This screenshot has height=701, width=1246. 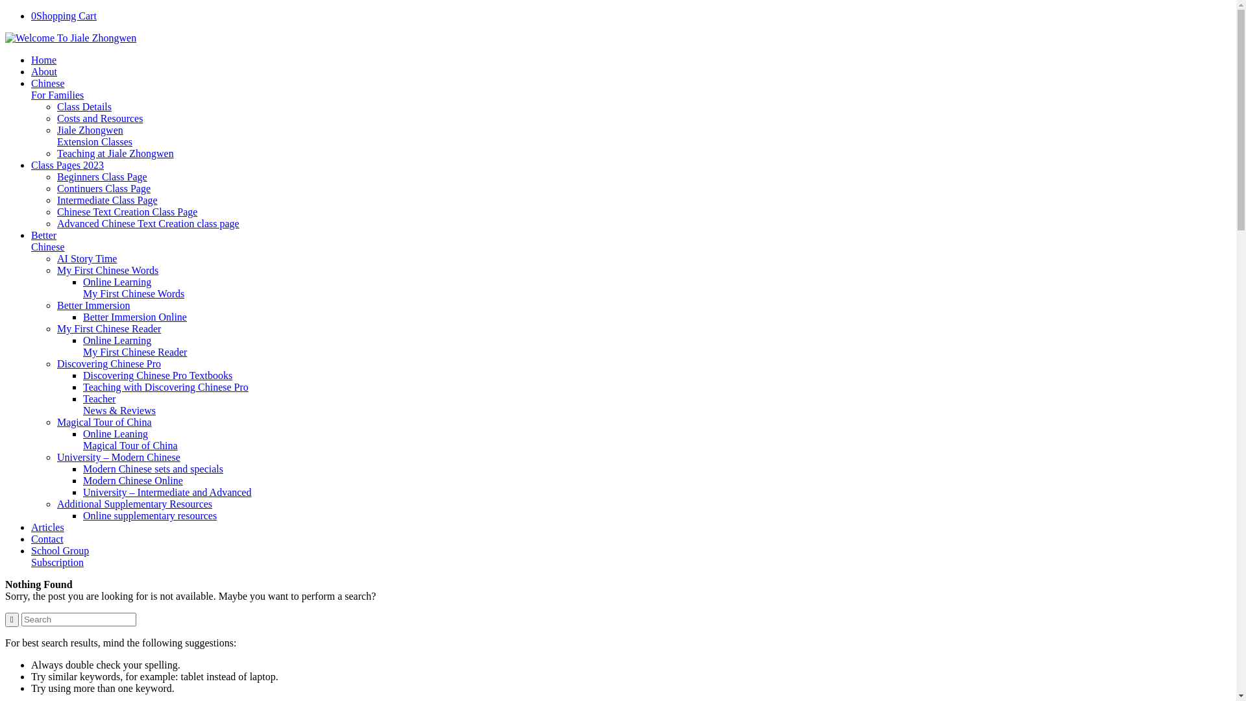 What do you see at coordinates (67, 164) in the screenshot?
I see `'Class Pages 2023'` at bounding box center [67, 164].